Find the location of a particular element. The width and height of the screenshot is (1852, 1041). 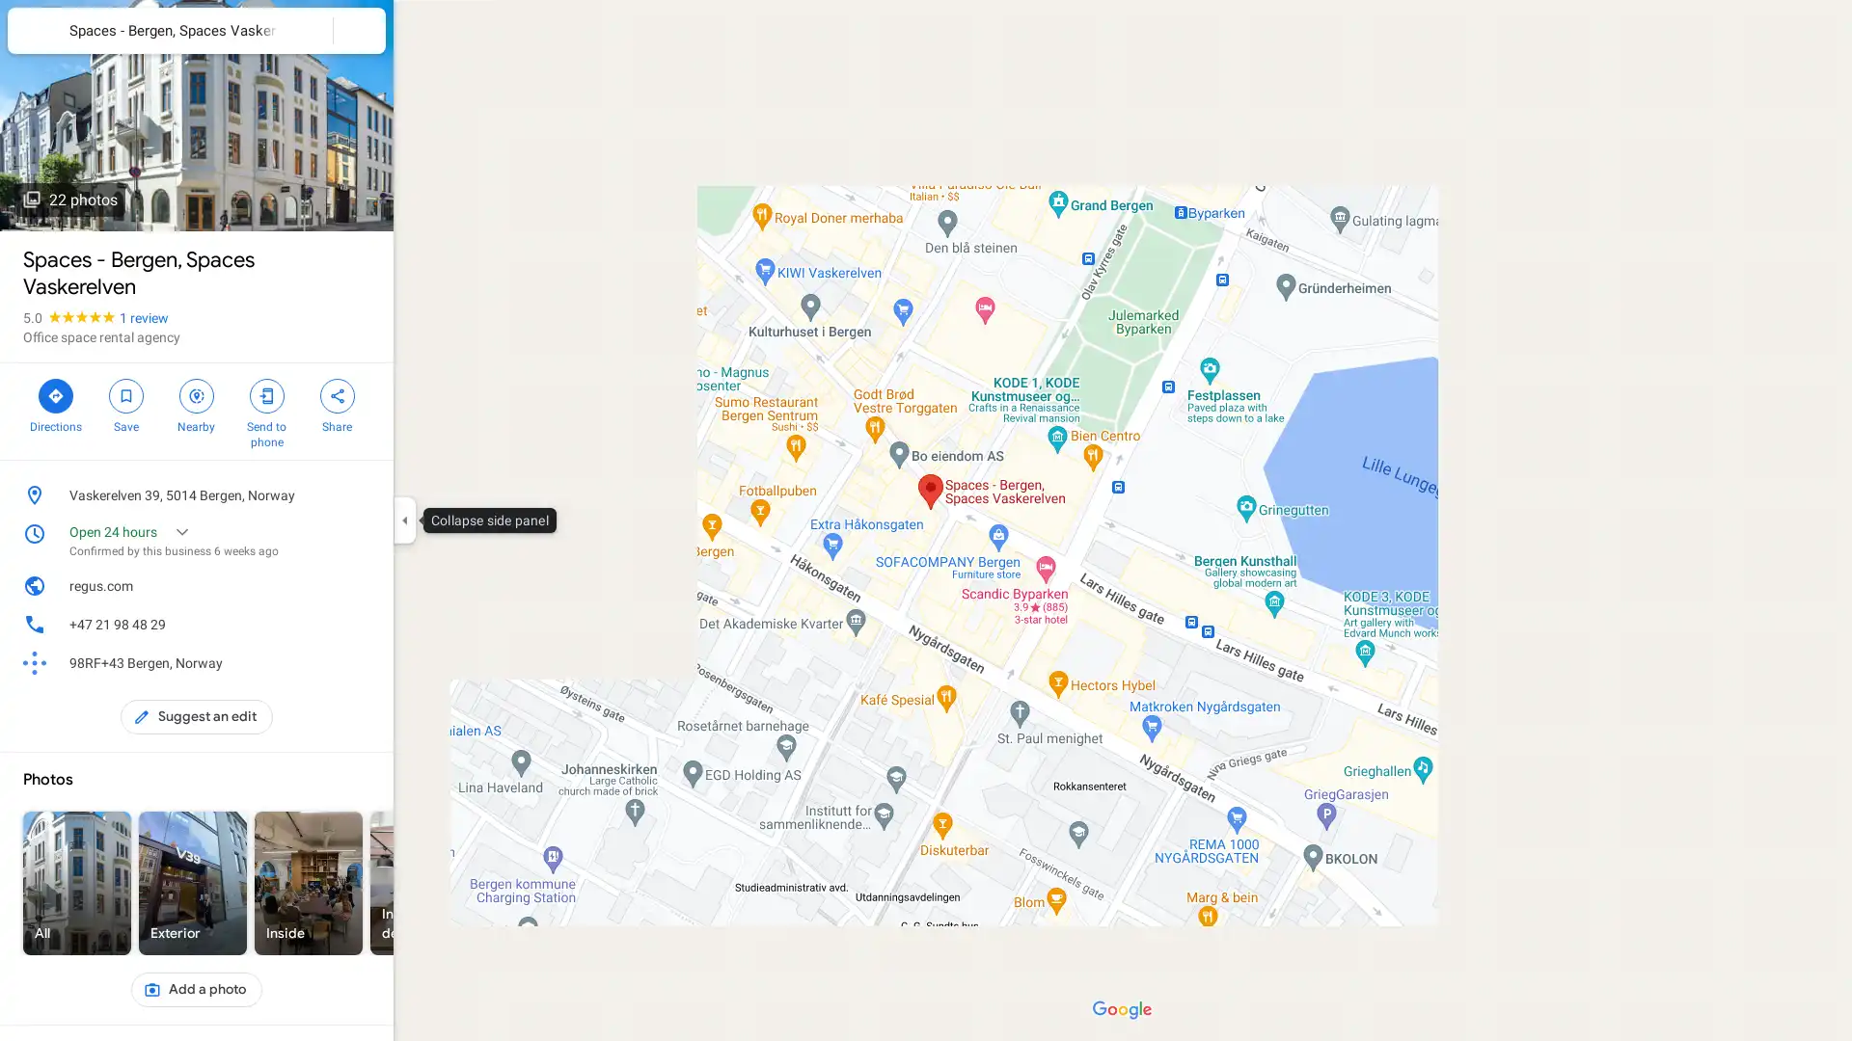

Directions to Spaces - Bergen, Spaces Vaskerelven is located at coordinates (55, 403).